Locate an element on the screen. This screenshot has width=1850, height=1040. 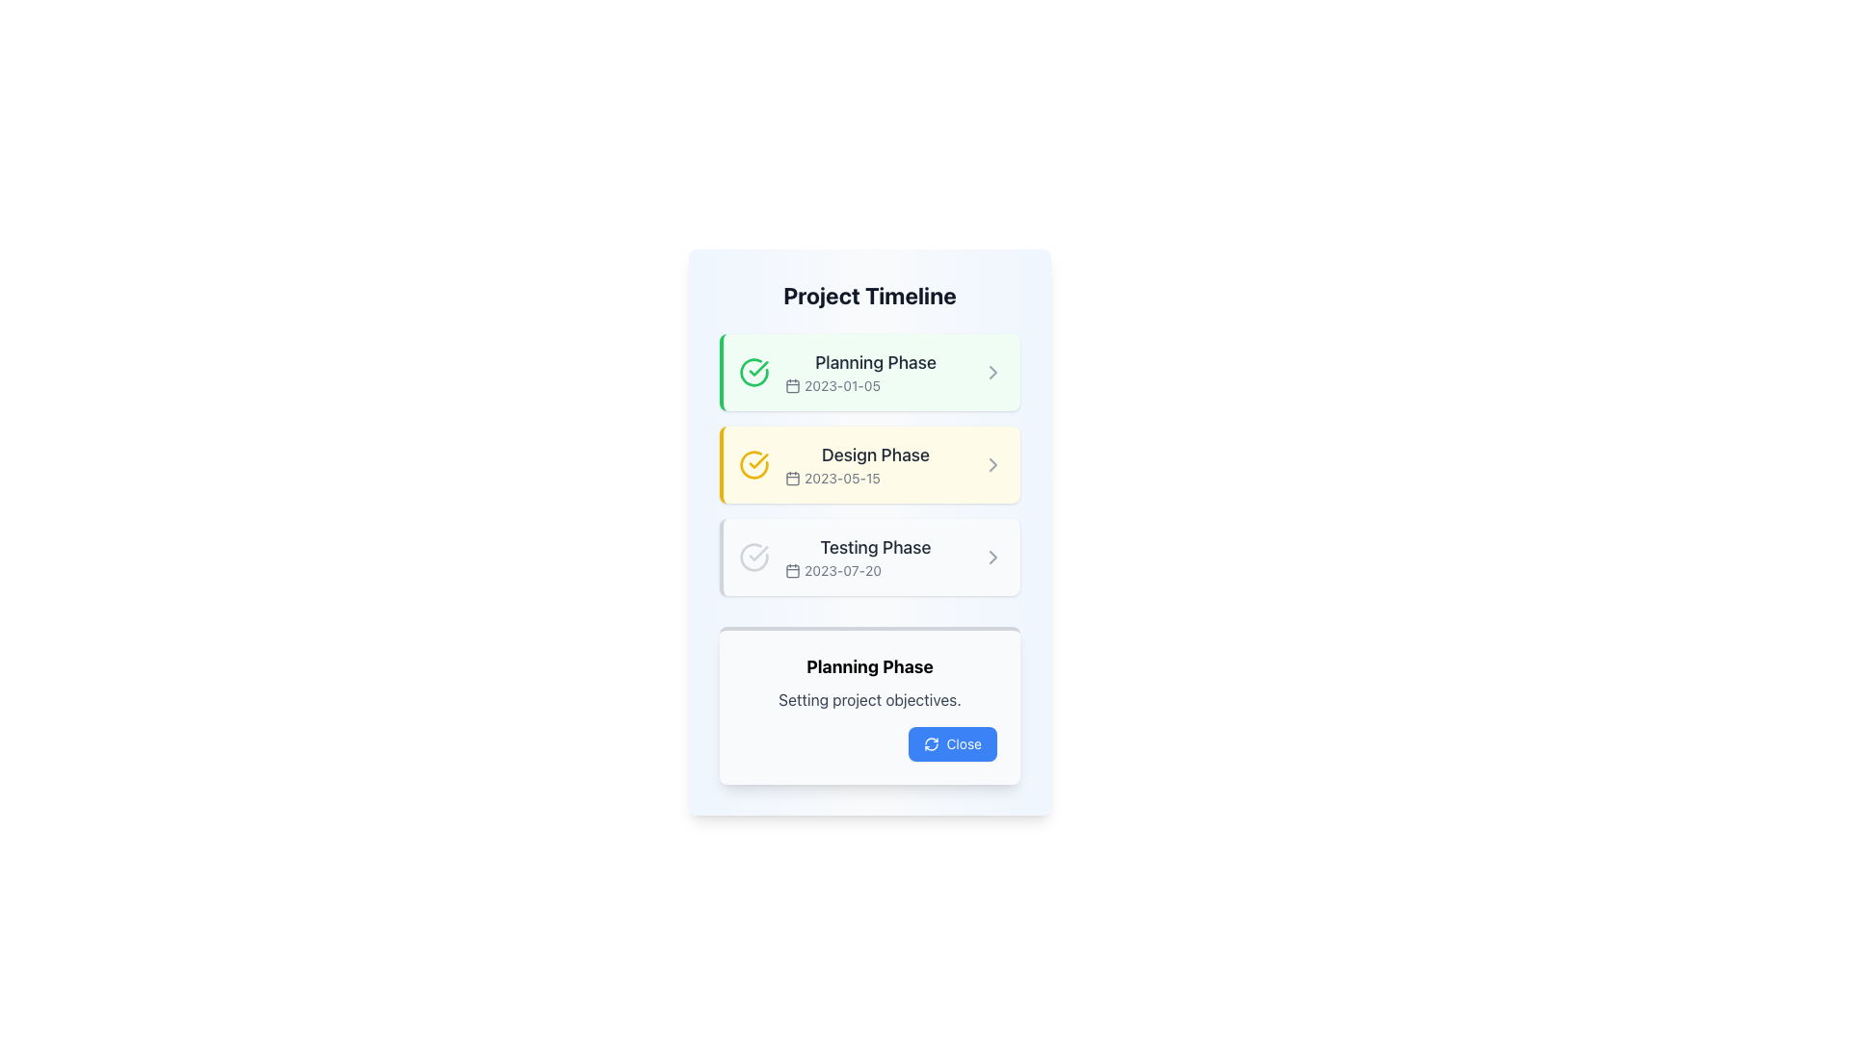
the associated date by clicking on the calendar icon located to the left of the text '2023-01-05' in the 'Planning Phase' row of the project timeline interface is located at coordinates (792, 386).